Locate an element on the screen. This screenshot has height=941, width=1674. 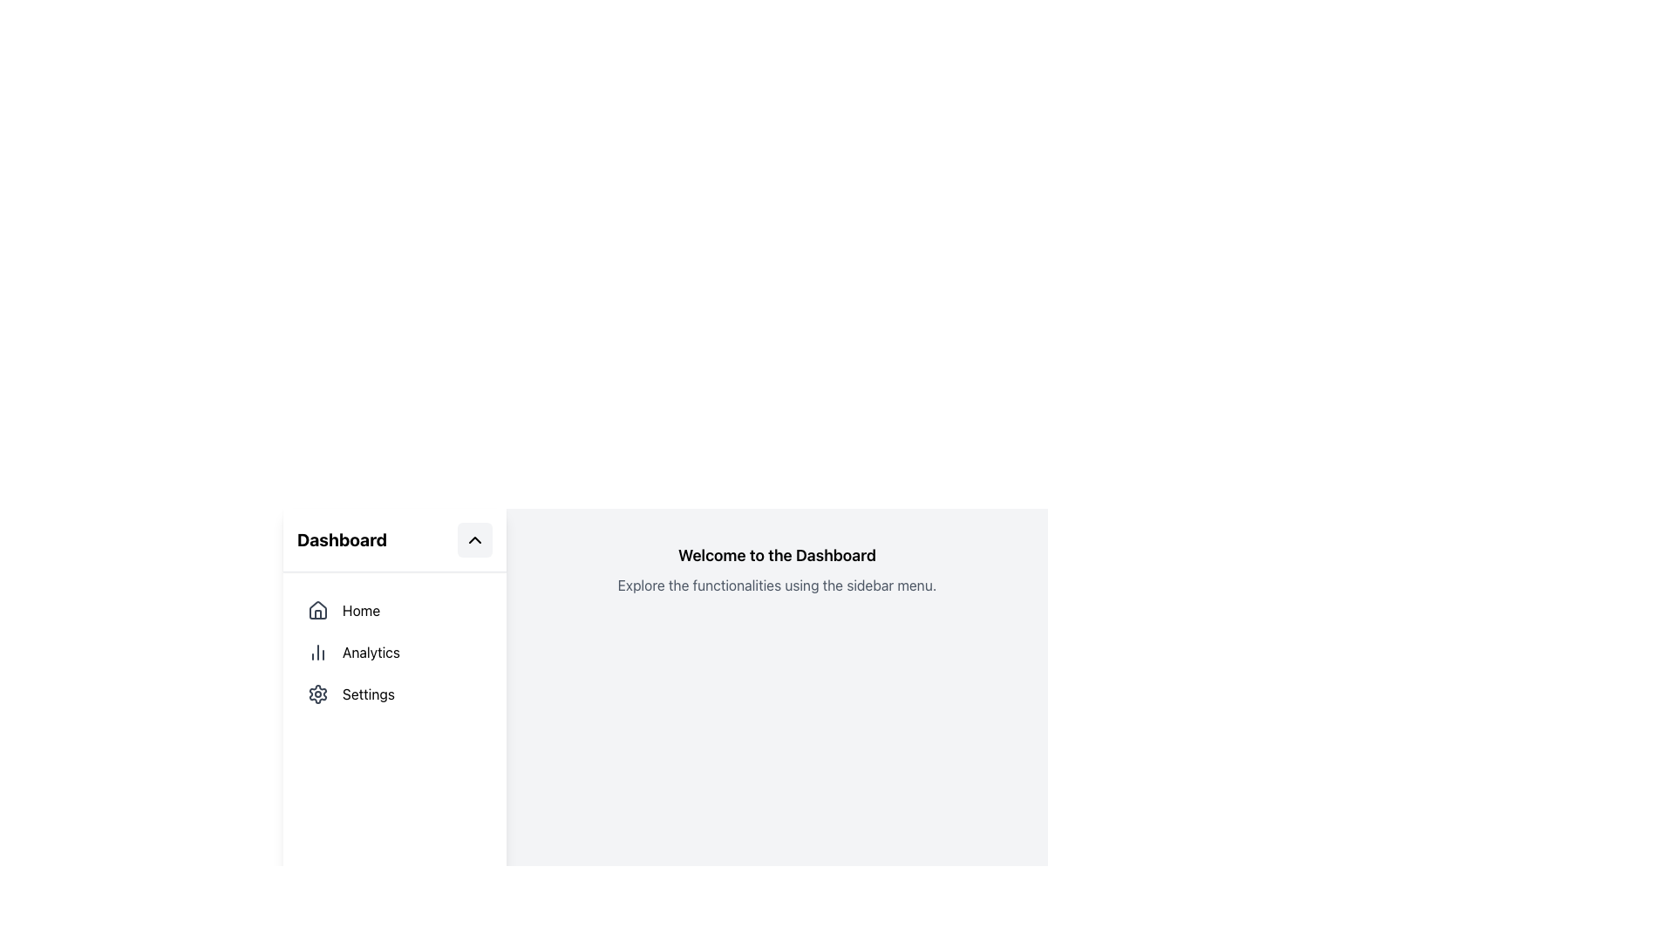
the third Navigation Menu Item in the sidebar is located at coordinates (393, 694).